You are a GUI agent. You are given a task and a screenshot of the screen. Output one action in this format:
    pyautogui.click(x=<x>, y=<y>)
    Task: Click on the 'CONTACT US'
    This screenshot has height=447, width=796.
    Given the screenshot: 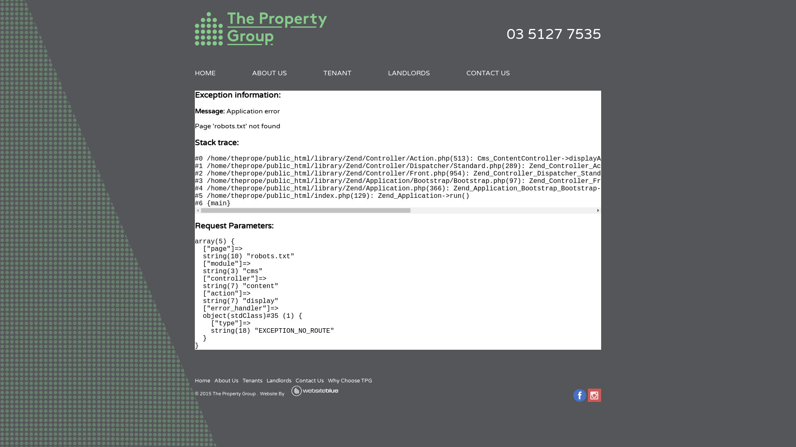 What is the action you would take?
    pyautogui.click(x=488, y=73)
    